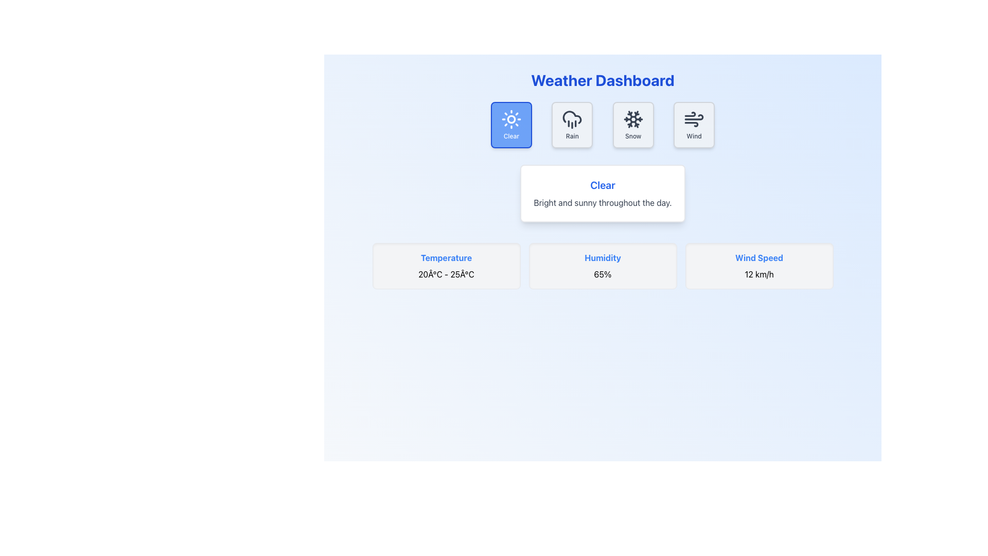 The height and width of the screenshot is (556, 988). What do you see at coordinates (694, 136) in the screenshot?
I see `the text label located at the bottom of the rounded rectangular button that identifies the action associated with the wind icon, positioned as the fourth button in a horizontal group on the dashboard` at bounding box center [694, 136].